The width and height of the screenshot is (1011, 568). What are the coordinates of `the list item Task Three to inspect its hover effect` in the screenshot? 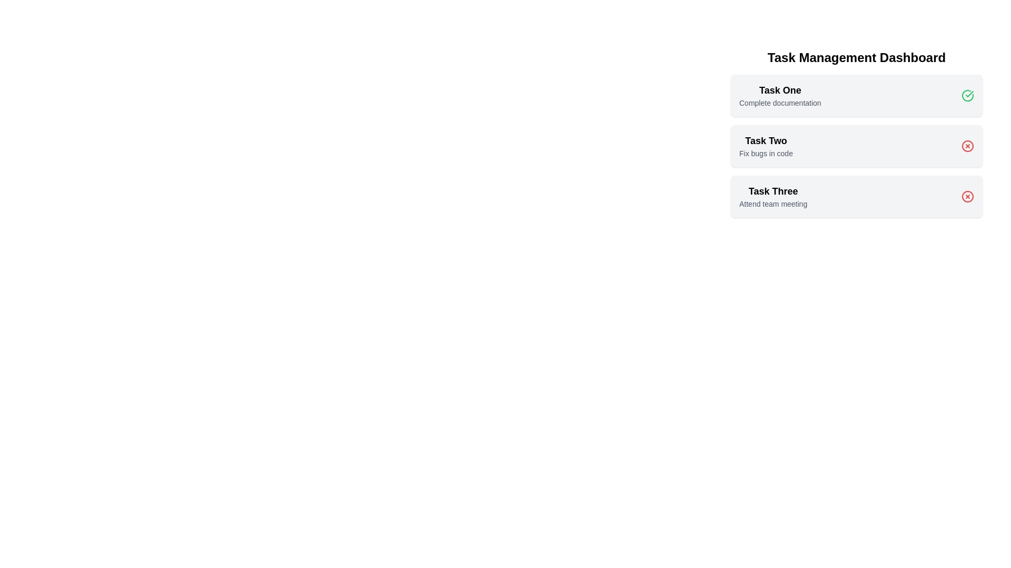 It's located at (773, 197).